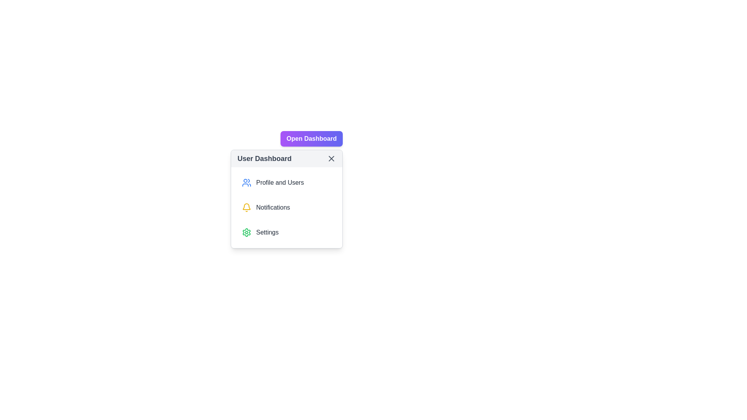 The image size is (747, 420). What do you see at coordinates (286, 199) in the screenshot?
I see `the dropdown menu located below and aligned to the right of the 'Open Dashboard' button` at bounding box center [286, 199].